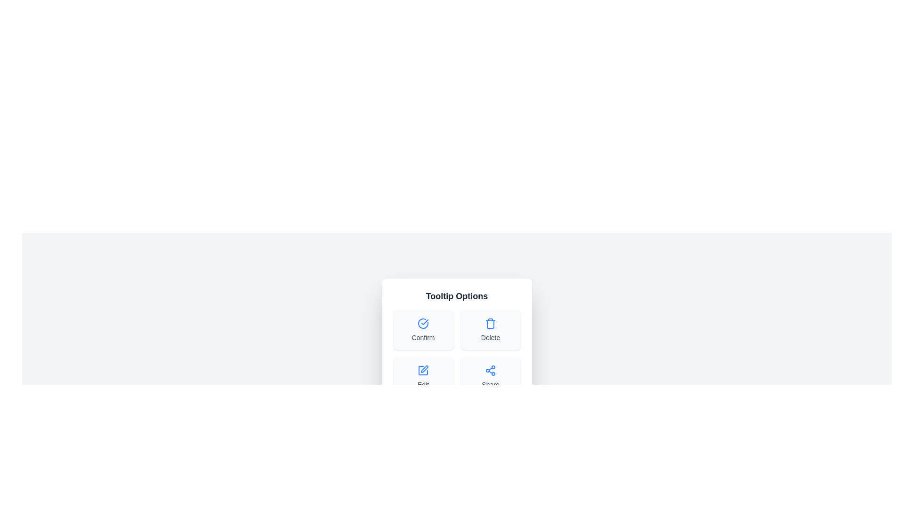 Image resolution: width=904 pixels, height=508 pixels. I want to click on the Tooltip Menu using keyboard focus, which offers options like Confirm, Delete, Edit, and Share, positioned near the top of the visible content area, so click(457, 343).